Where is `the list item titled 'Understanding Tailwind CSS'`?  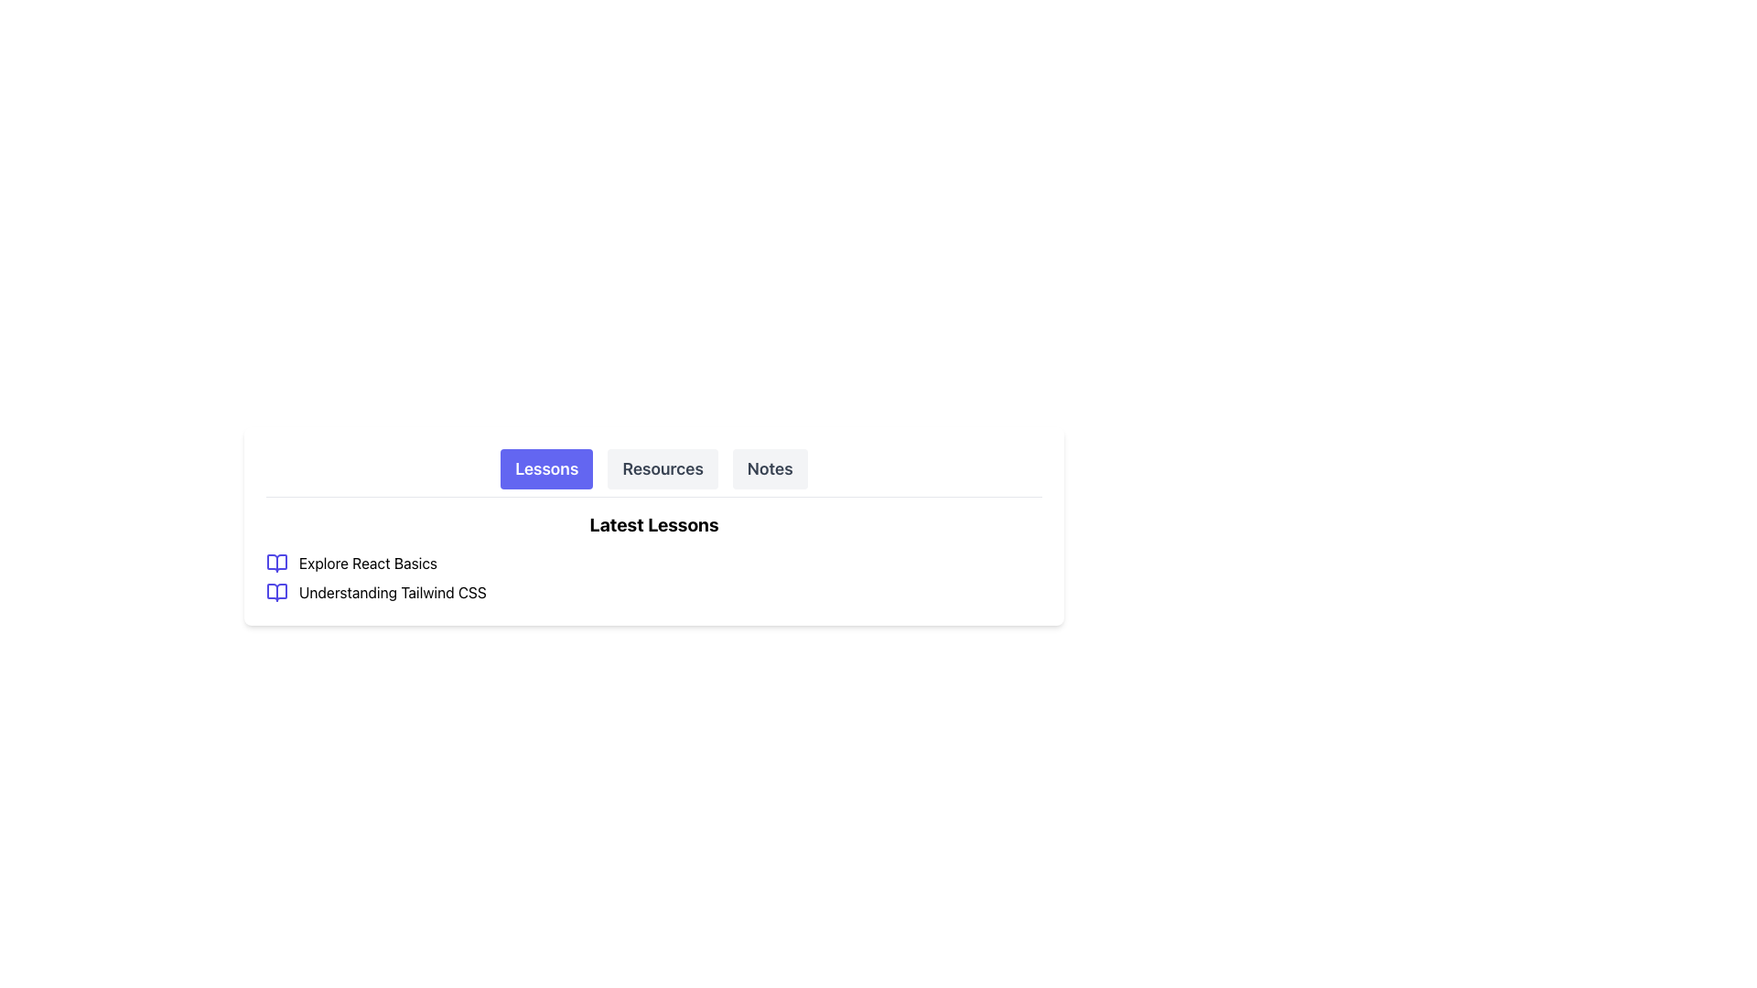 the list item titled 'Understanding Tailwind CSS' is located at coordinates (654, 593).